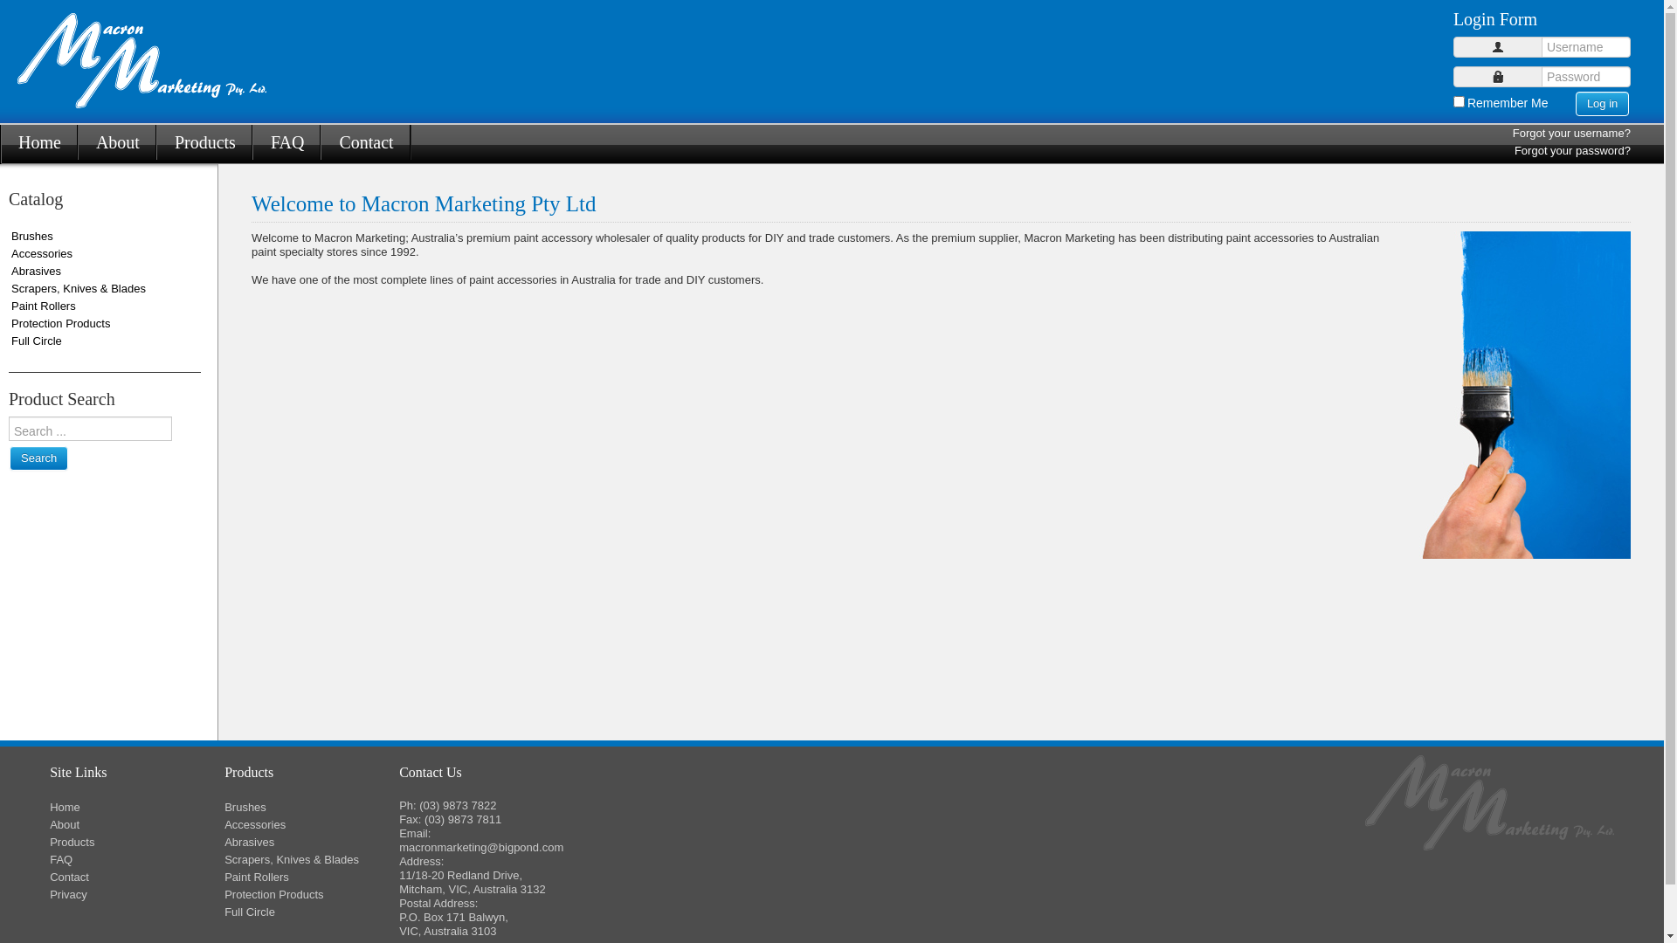 This screenshot has height=943, width=1677. I want to click on 'Password', so click(1491, 76).